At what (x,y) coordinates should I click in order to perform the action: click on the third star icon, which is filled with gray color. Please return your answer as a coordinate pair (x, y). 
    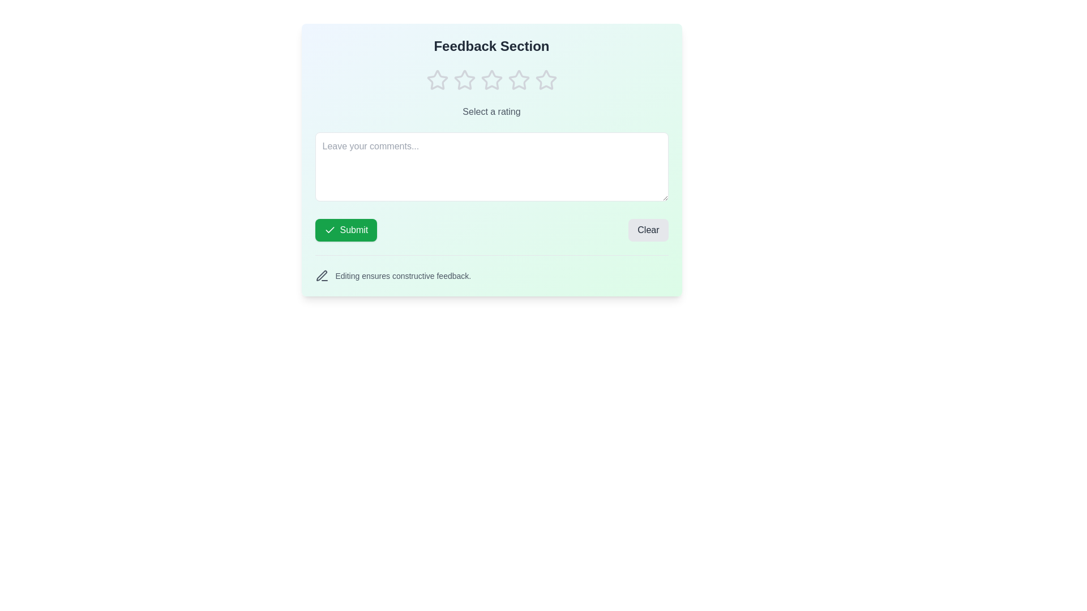
    Looking at the image, I should click on (518, 79).